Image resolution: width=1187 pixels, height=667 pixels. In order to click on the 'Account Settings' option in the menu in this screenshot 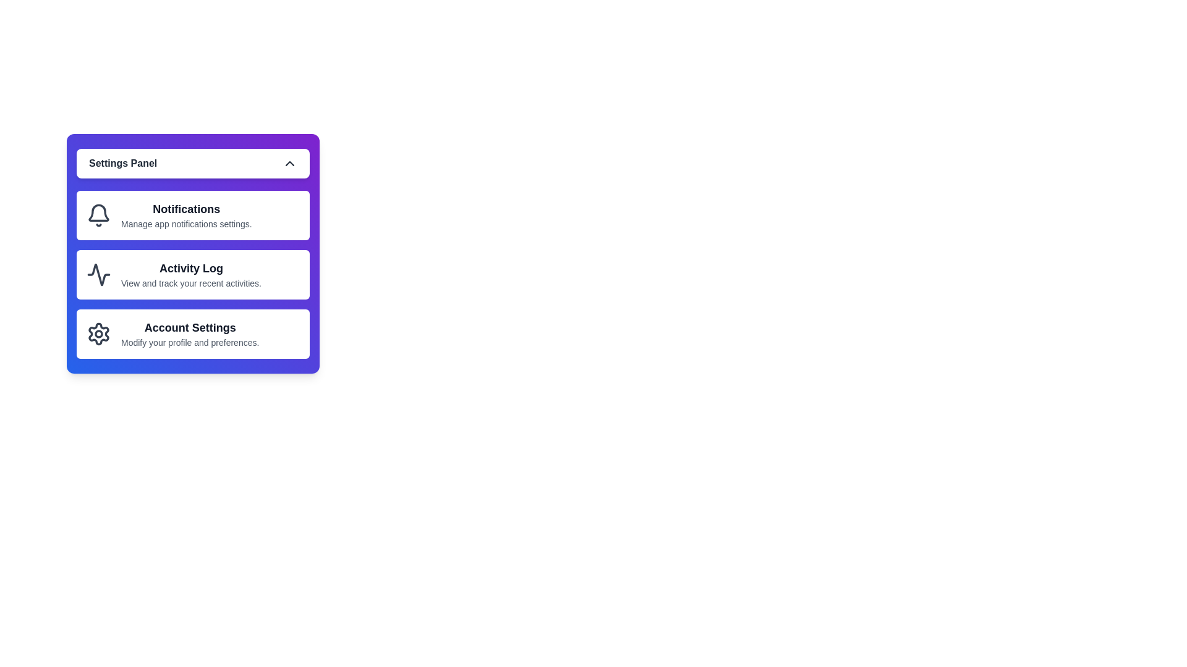, I will do `click(192, 333)`.